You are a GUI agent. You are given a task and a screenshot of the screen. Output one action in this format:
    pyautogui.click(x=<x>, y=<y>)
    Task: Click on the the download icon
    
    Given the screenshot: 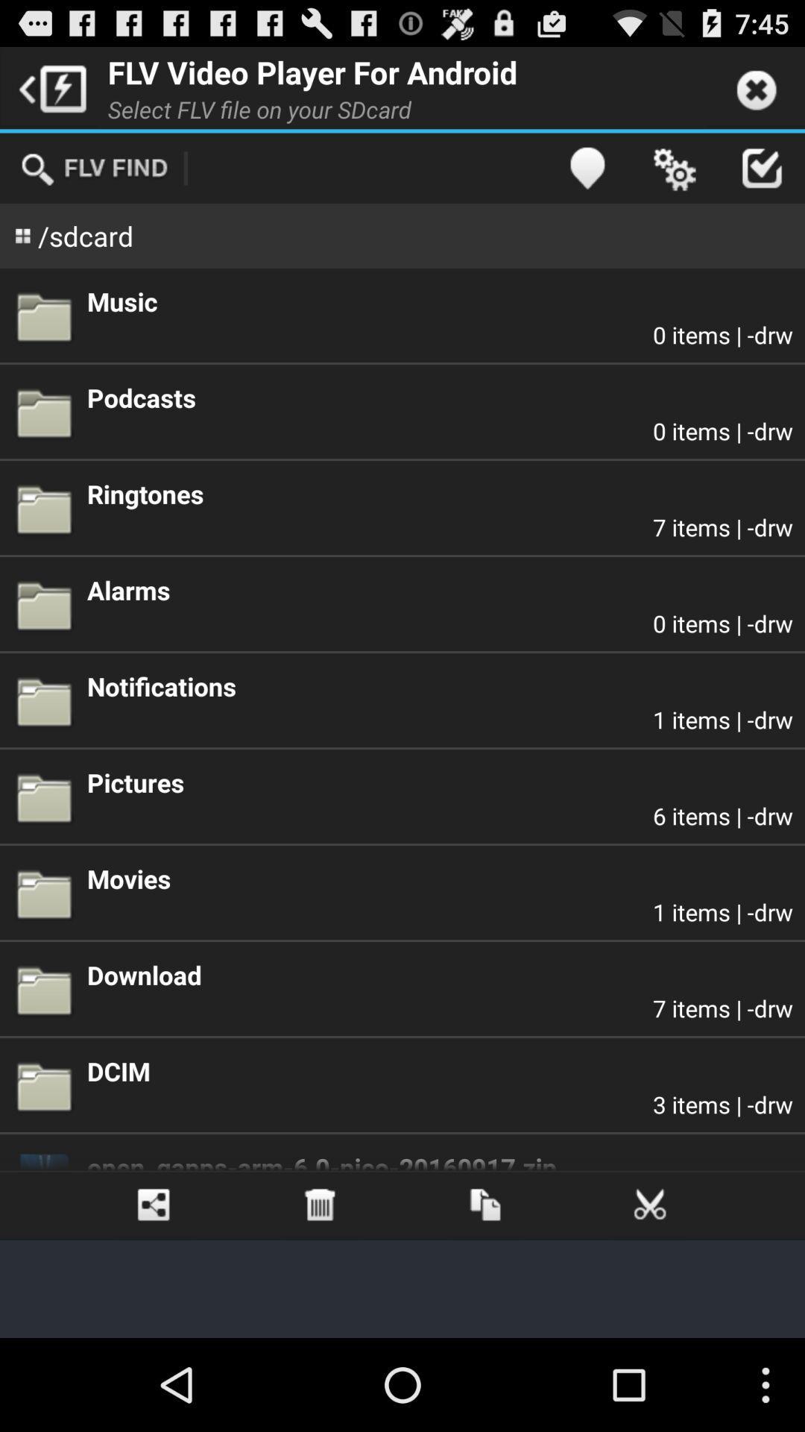 What is the action you would take?
    pyautogui.click(x=439, y=975)
    